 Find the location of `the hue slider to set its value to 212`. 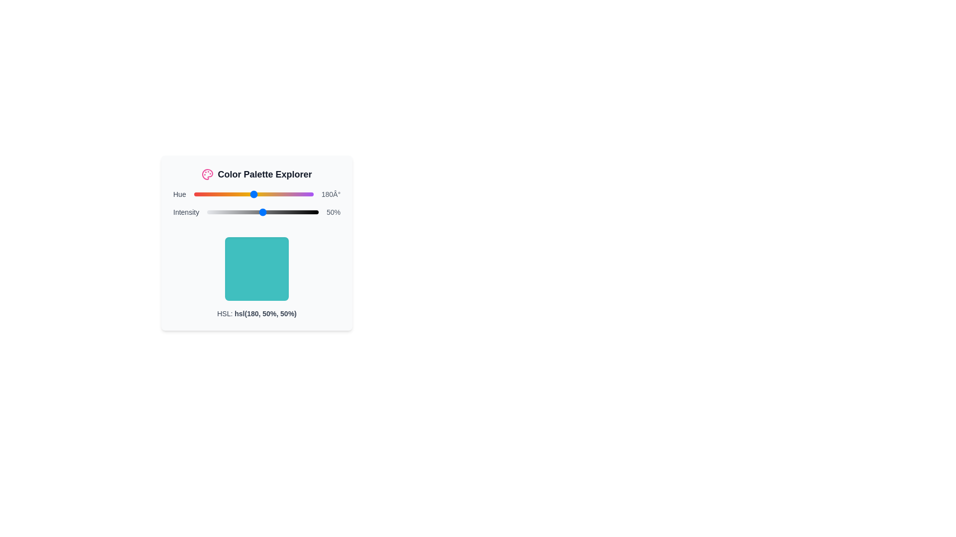

the hue slider to set its value to 212 is located at coordinates (264, 194).